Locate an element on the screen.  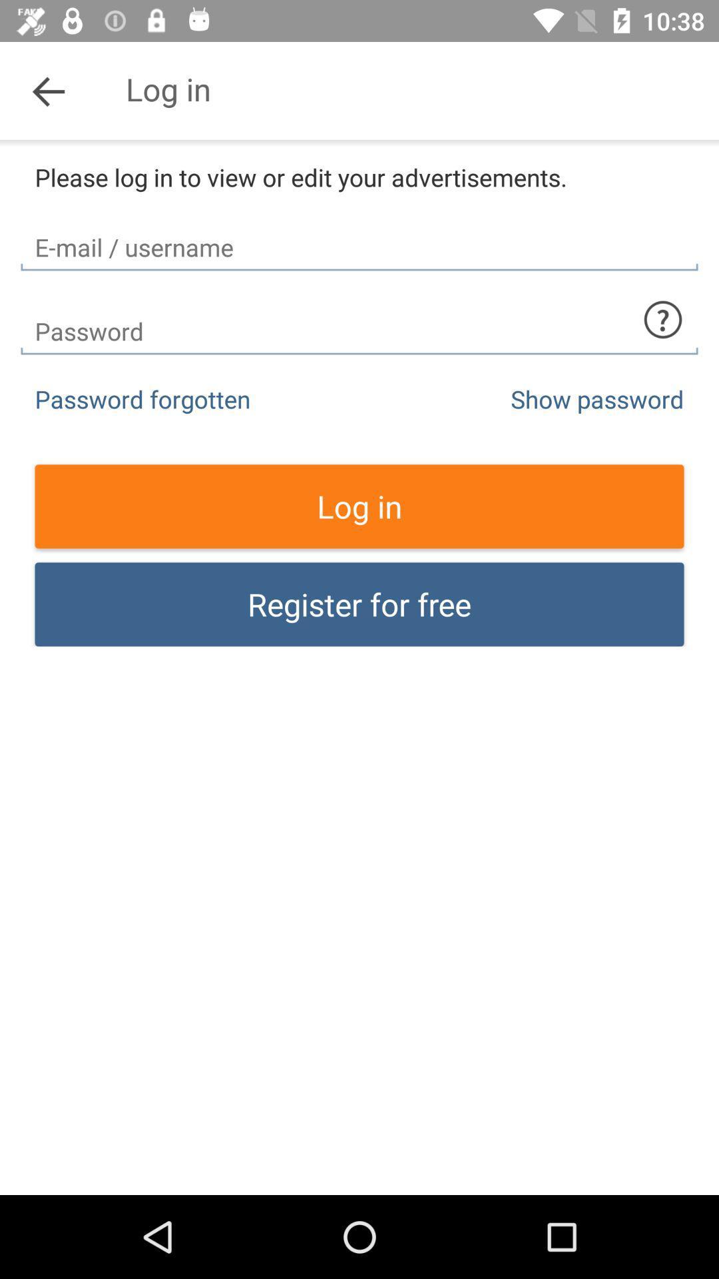
the icon next to the log in item is located at coordinates (48, 90).